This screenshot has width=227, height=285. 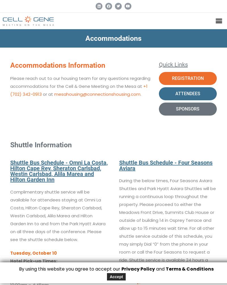 I want to click on 'SPONSORS', so click(x=187, y=108).